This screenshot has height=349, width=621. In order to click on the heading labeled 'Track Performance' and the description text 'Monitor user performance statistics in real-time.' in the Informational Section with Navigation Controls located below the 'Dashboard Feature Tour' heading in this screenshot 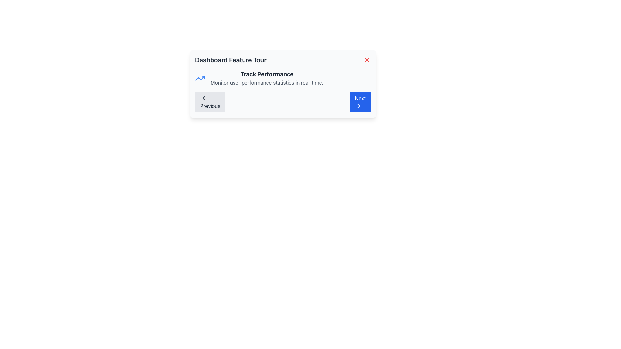, I will do `click(283, 91)`.